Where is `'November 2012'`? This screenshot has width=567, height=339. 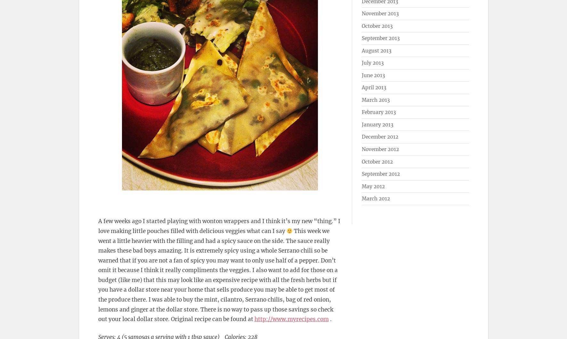
'November 2012' is located at coordinates (361, 149).